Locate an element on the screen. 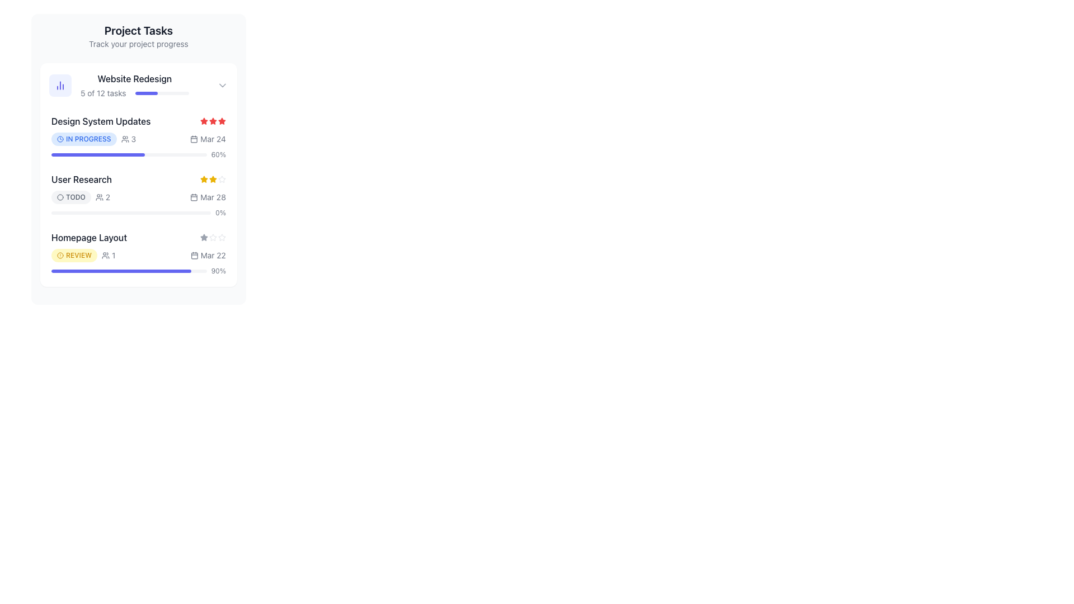 The height and width of the screenshot is (604, 1074). the status badge component located in the 'Homepage Layout' section of the 'Project Tasks' interface, which indicates the review status of a task or milestone is located at coordinates (83, 255).